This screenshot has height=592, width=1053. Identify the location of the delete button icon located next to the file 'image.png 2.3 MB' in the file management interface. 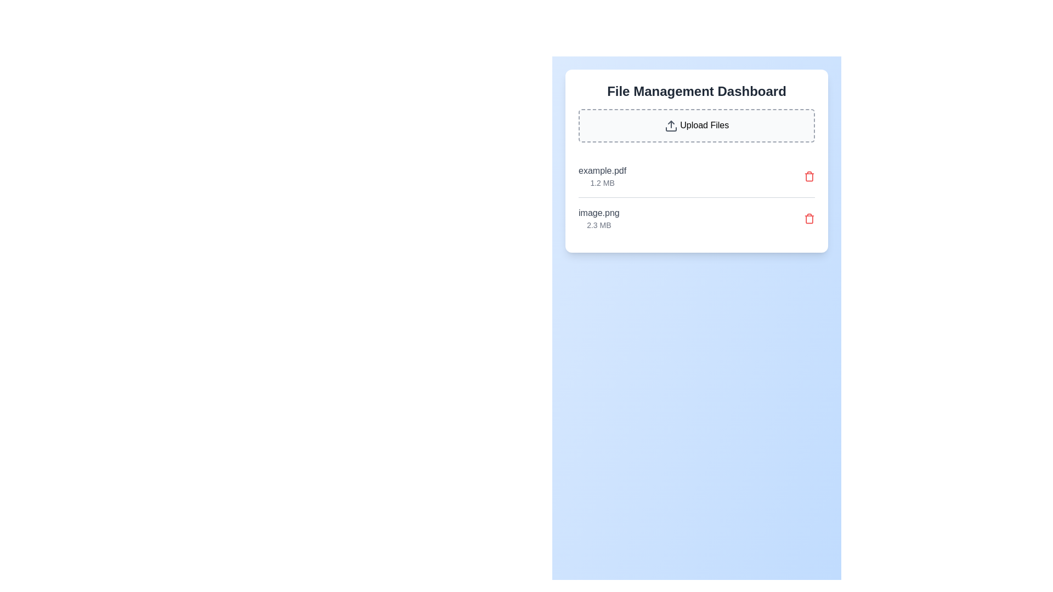
(809, 218).